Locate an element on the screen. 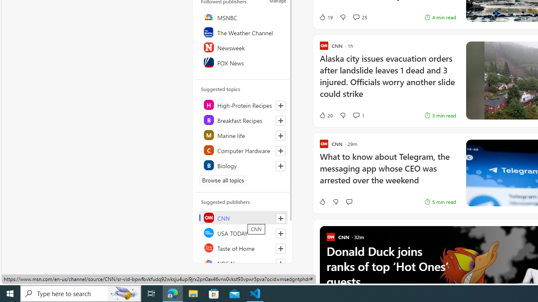 This screenshot has height=302, width=538. 'Like' is located at coordinates (322, 201).